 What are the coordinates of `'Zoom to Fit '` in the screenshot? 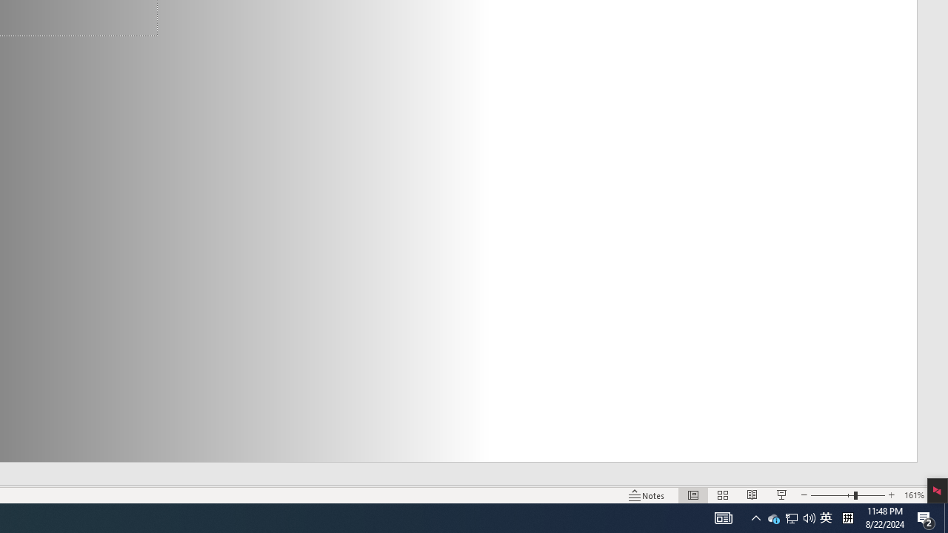 It's located at (938, 495).